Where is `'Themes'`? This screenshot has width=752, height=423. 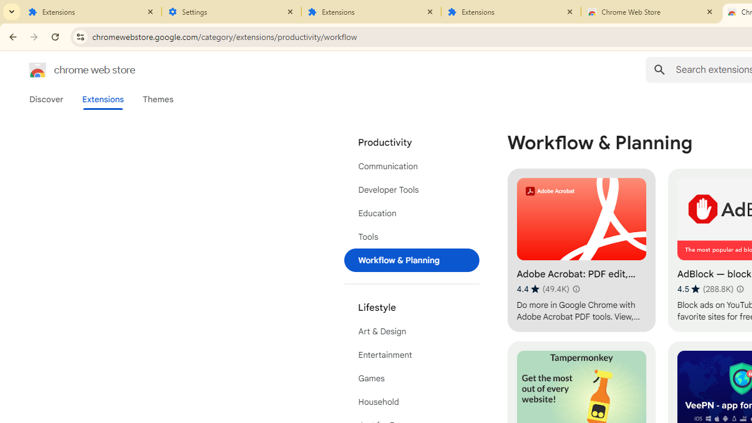 'Themes' is located at coordinates (157, 99).